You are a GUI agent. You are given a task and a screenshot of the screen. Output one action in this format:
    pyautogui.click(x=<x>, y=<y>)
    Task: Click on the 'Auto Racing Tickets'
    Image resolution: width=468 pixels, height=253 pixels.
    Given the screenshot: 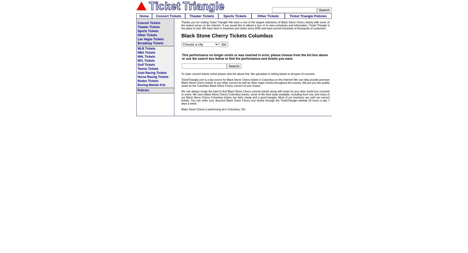 What is the action you would take?
    pyautogui.click(x=152, y=73)
    